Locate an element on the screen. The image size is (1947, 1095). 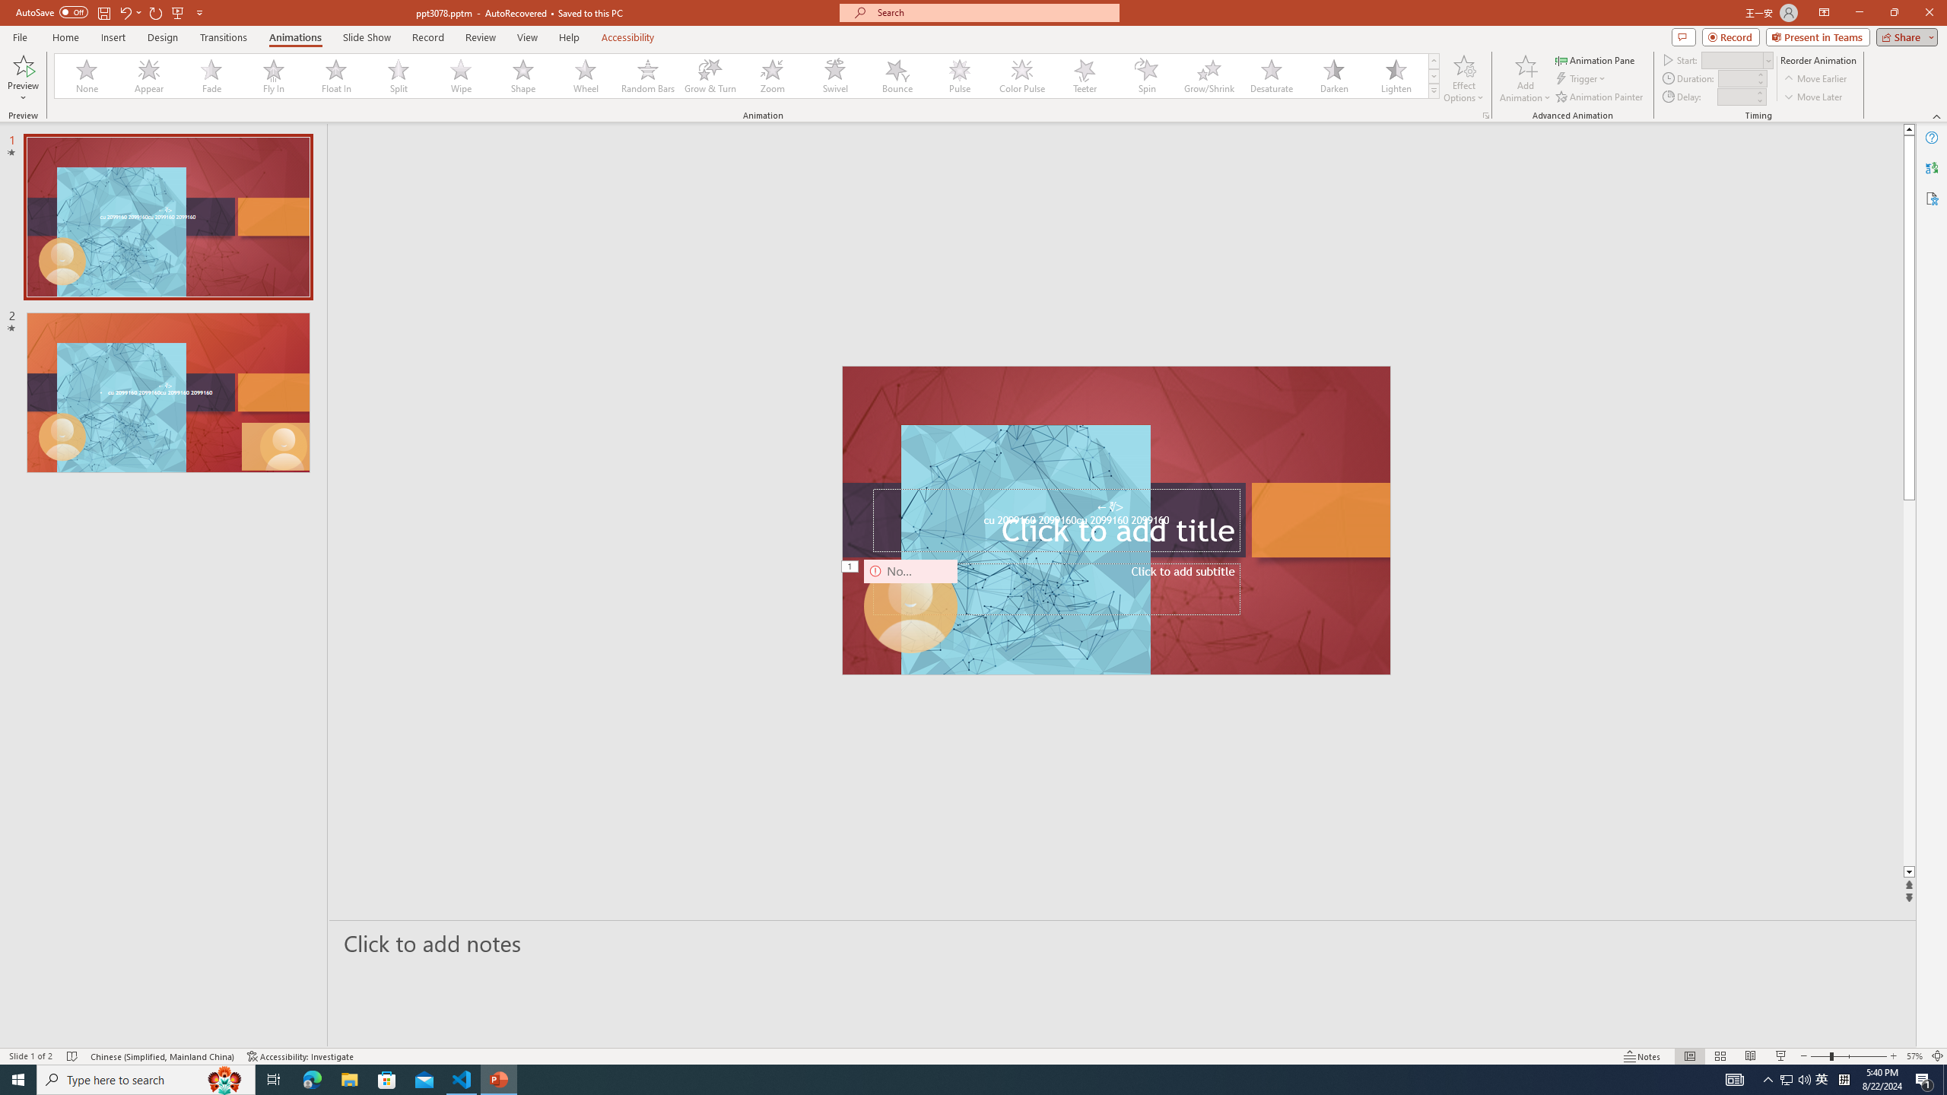
'Move Earlier' is located at coordinates (1815, 78).